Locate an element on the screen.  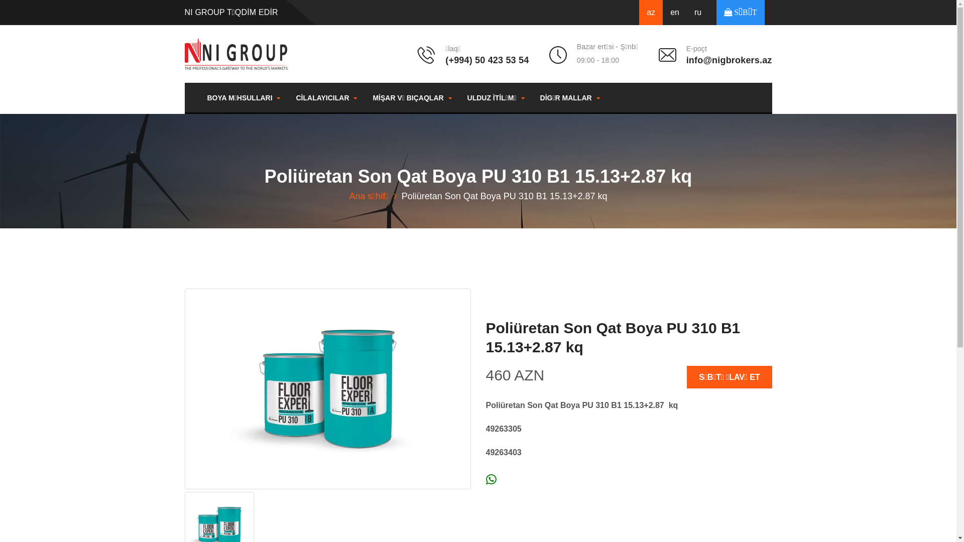
'ru' is located at coordinates (686, 12).